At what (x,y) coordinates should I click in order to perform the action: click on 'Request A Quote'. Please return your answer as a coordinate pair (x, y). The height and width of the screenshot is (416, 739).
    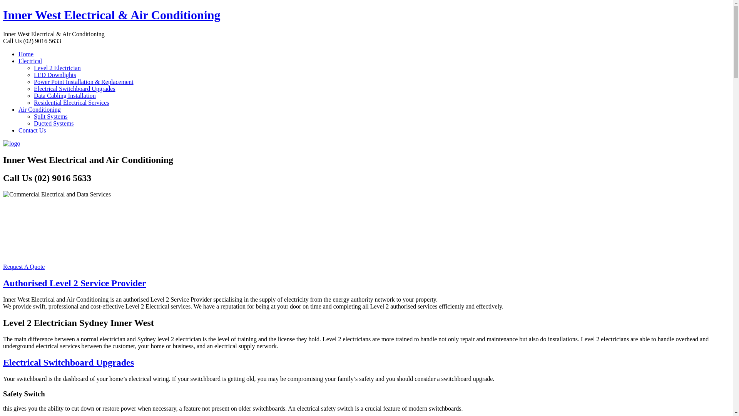
    Looking at the image, I should click on (24, 266).